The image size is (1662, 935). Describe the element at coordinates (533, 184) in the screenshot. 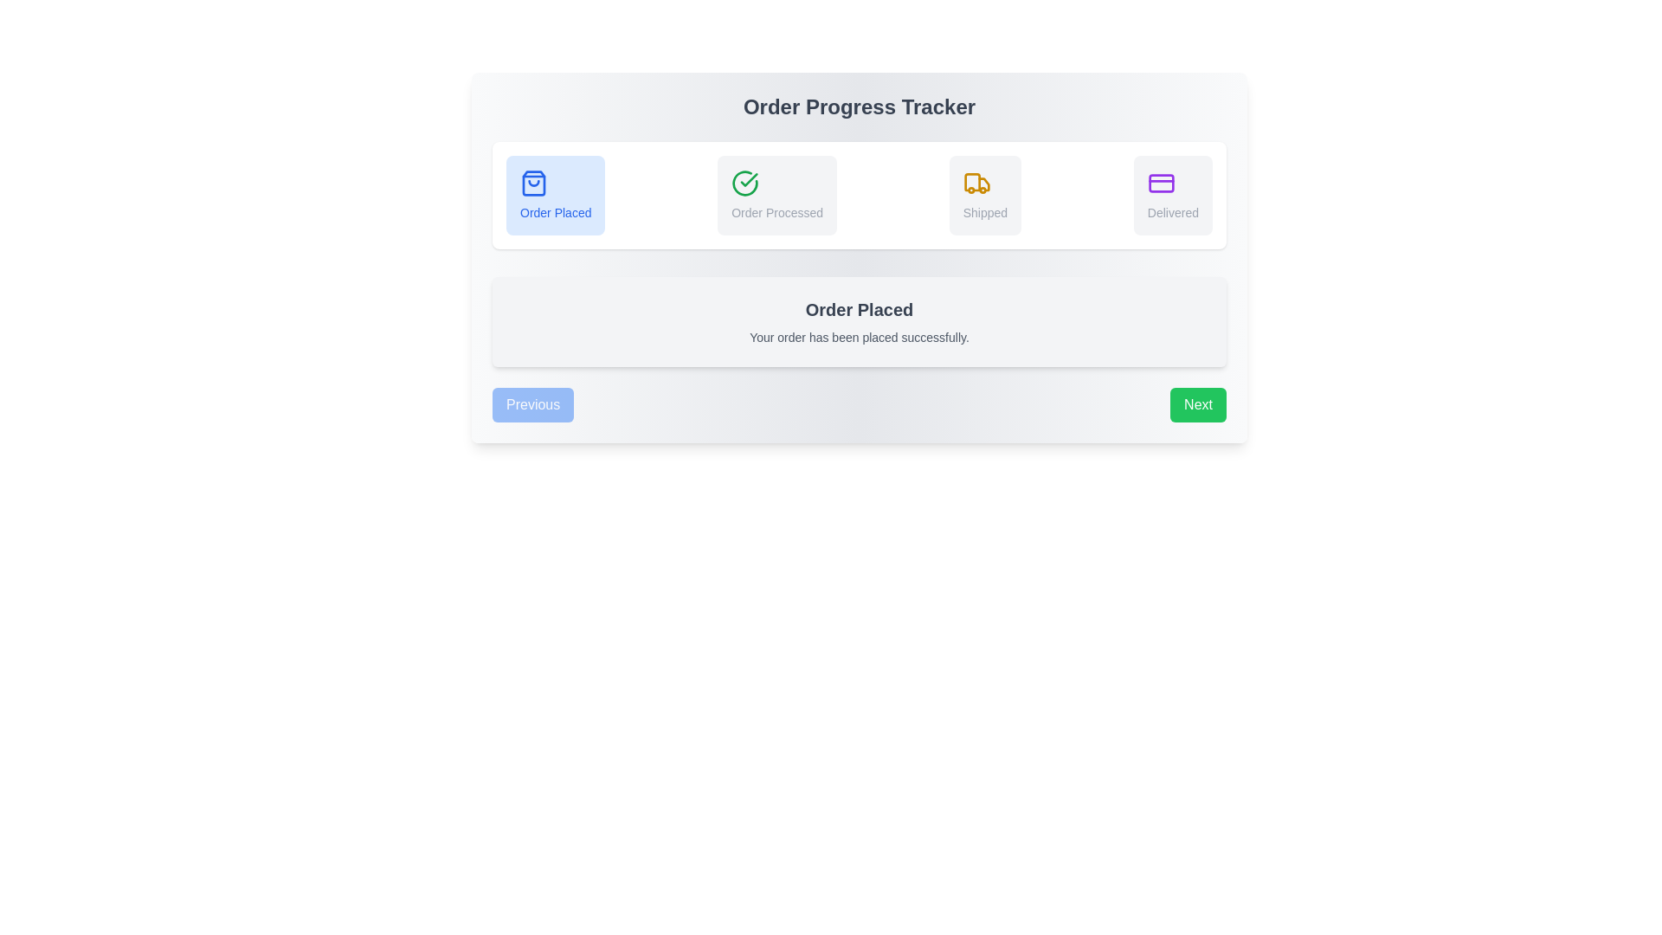

I see `the 'Order Placed' icon located in the top row of the progress tracker interface, specifically inside the first card, to visually represent an order being placed` at that location.